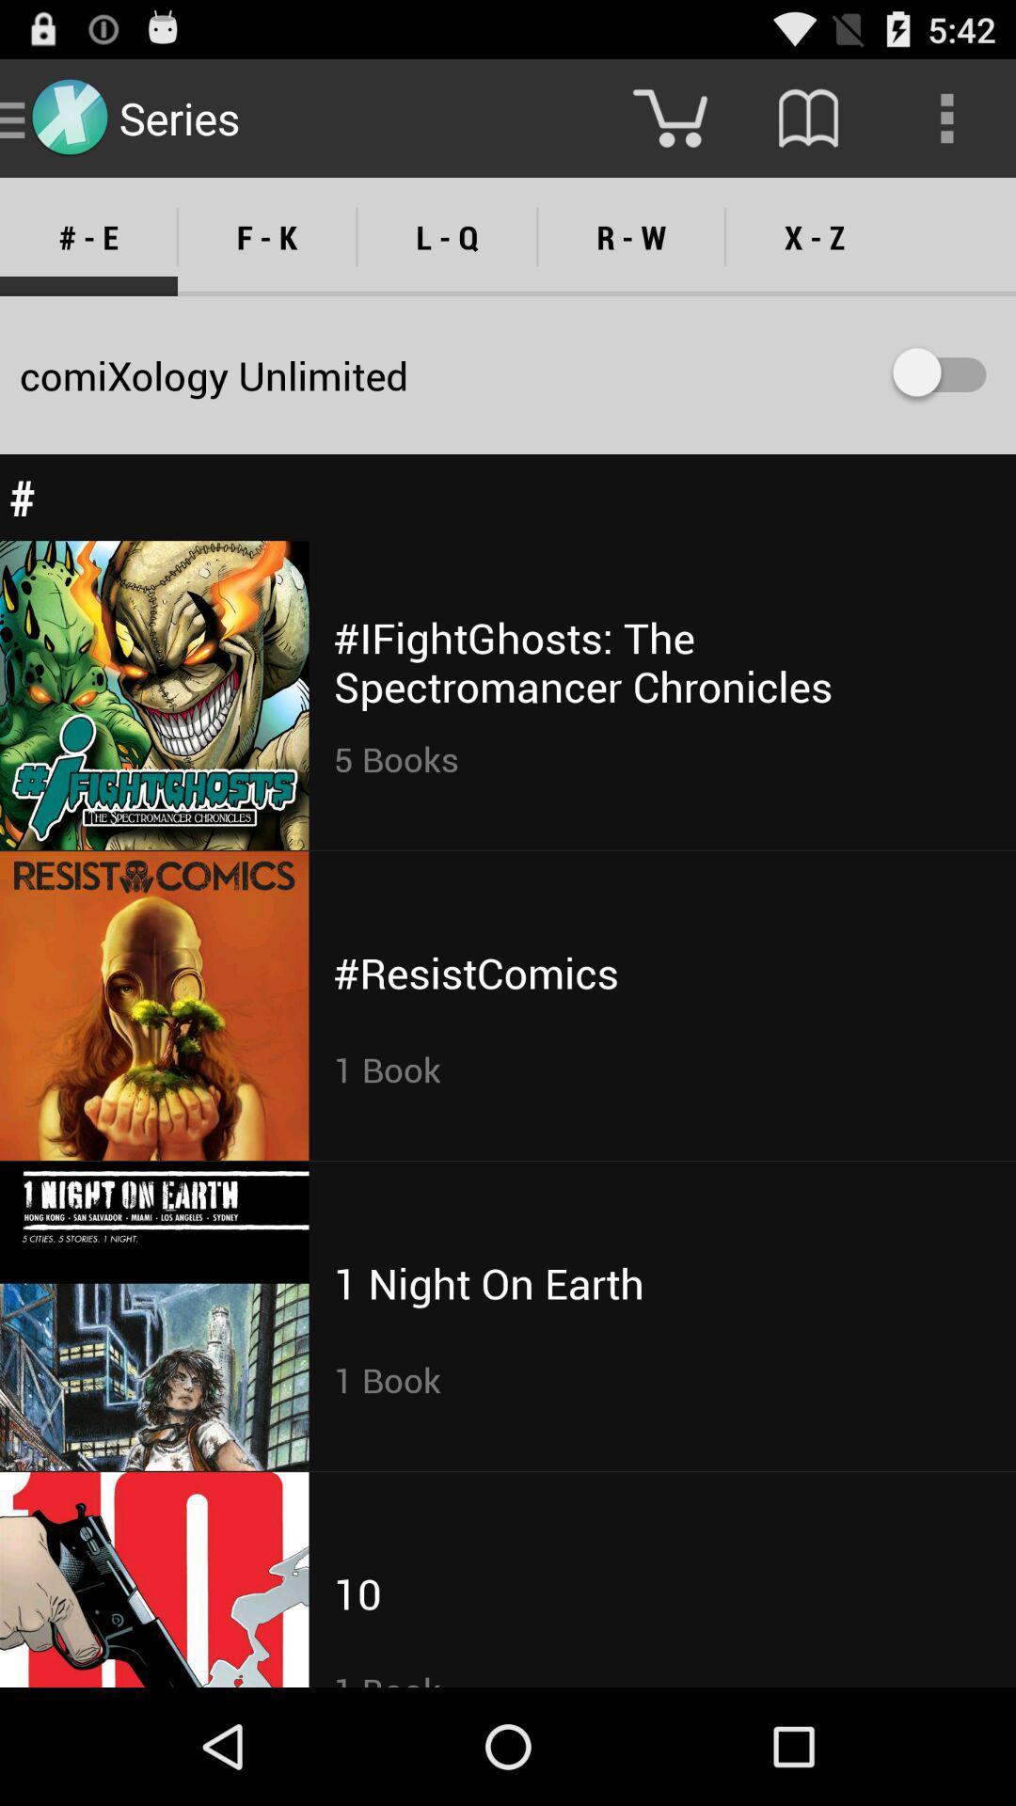  What do you see at coordinates (946, 117) in the screenshot?
I see `the item above the x - z` at bounding box center [946, 117].